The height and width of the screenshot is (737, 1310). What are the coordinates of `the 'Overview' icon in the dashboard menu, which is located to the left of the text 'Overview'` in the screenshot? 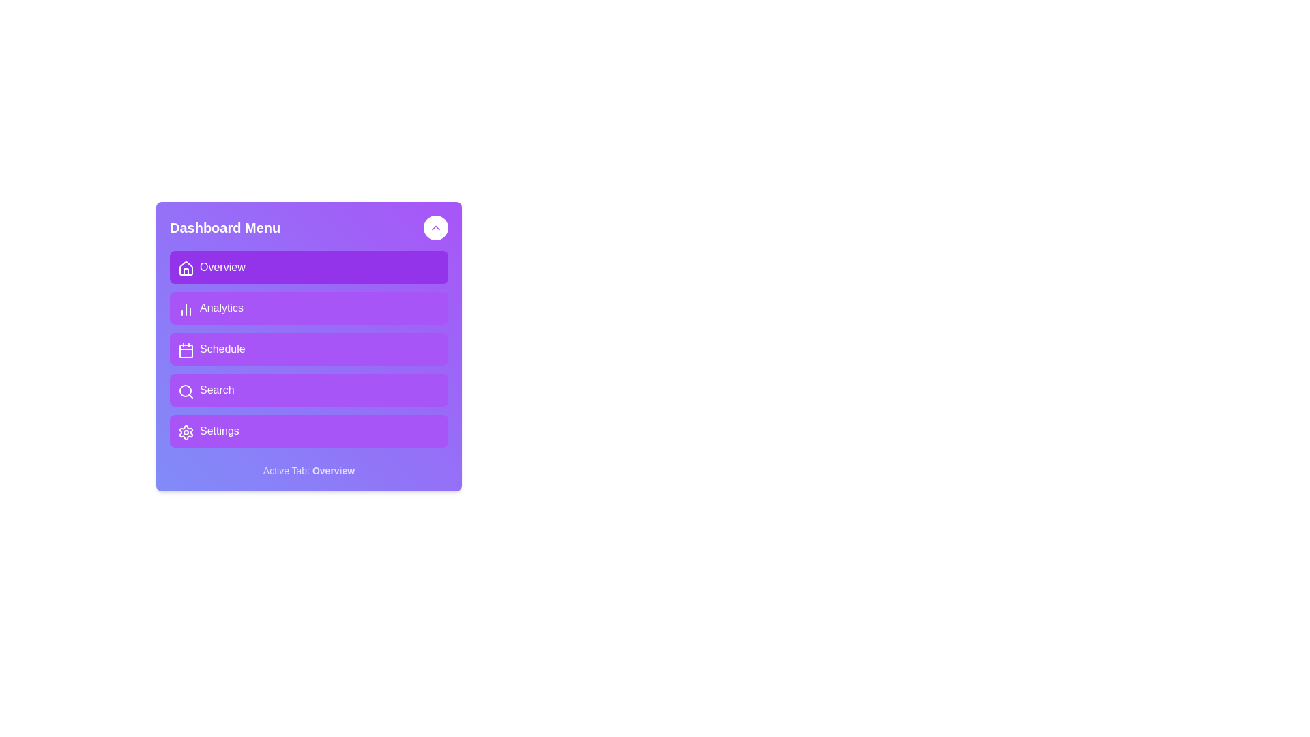 It's located at (186, 268).